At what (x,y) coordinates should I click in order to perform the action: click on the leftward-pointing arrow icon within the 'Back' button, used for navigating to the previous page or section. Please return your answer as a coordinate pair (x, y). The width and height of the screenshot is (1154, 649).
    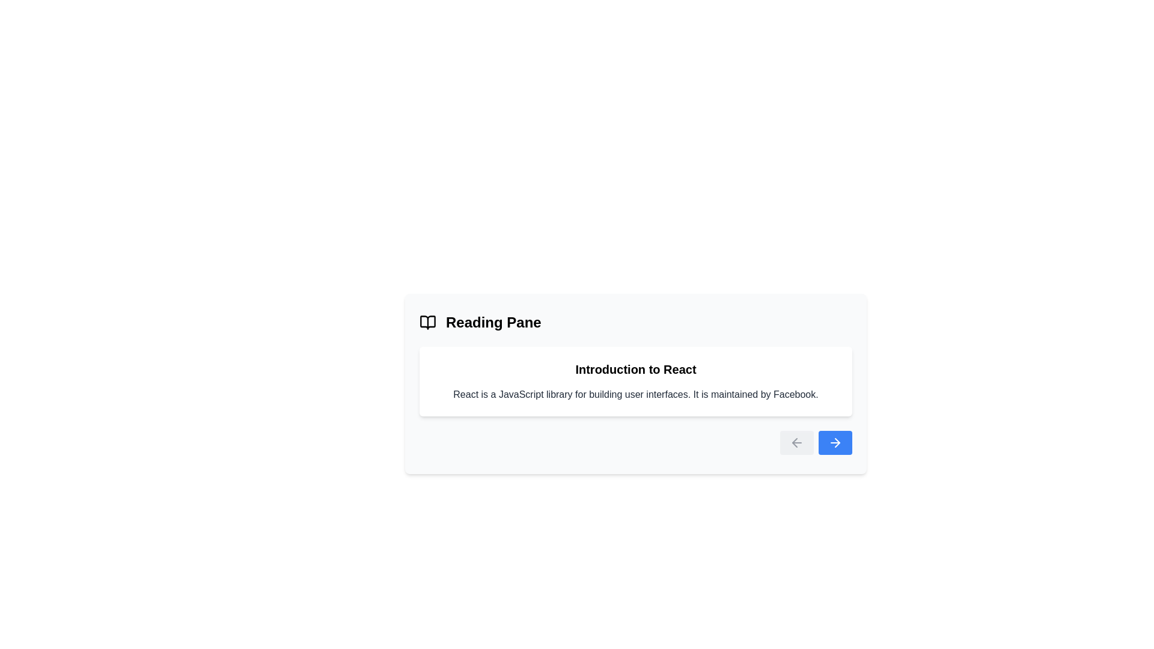
    Looking at the image, I should click on (796, 442).